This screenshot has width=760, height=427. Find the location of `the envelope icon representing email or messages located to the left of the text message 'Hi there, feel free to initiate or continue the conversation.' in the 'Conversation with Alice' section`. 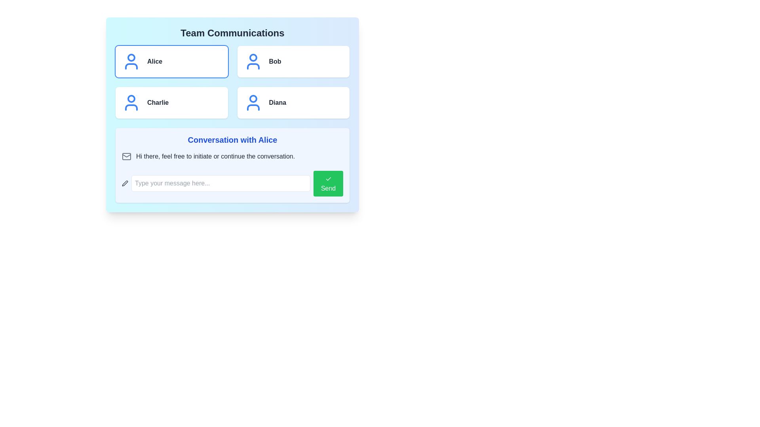

the envelope icon representing email or messages located to the left of the text message 'Hi there, feel free to initiate or continue the conversation.' in the 'Conversation with Alice' section is located at coordinates (127, 157).